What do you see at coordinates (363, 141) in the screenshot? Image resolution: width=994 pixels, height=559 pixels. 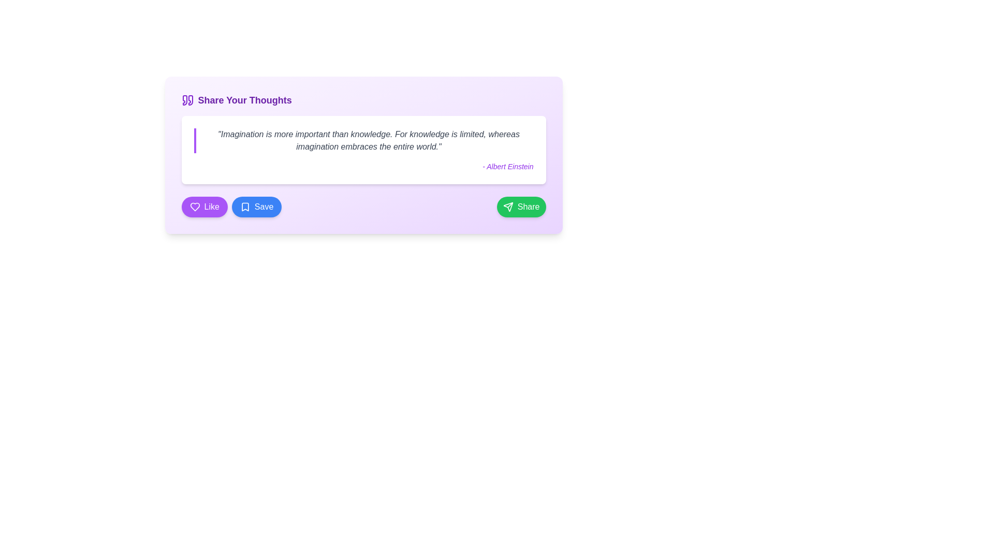 I see `the italic gray text block containing the quote 'Imagination is more important than knowledge...' which is highlighted with a purple border` at bounding box center [363, 141].